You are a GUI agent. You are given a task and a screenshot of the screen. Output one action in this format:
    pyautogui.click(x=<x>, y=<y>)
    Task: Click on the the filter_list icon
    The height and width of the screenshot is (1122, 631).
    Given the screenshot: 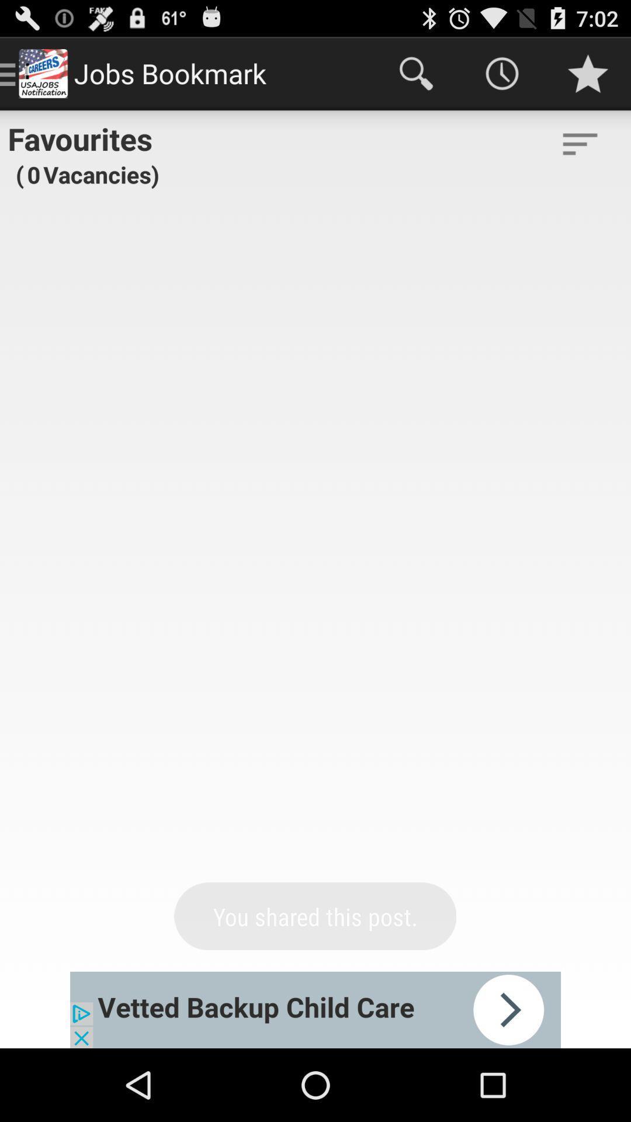 What is the action you would take?
    pyautogui.click(x=580, y=147)
    